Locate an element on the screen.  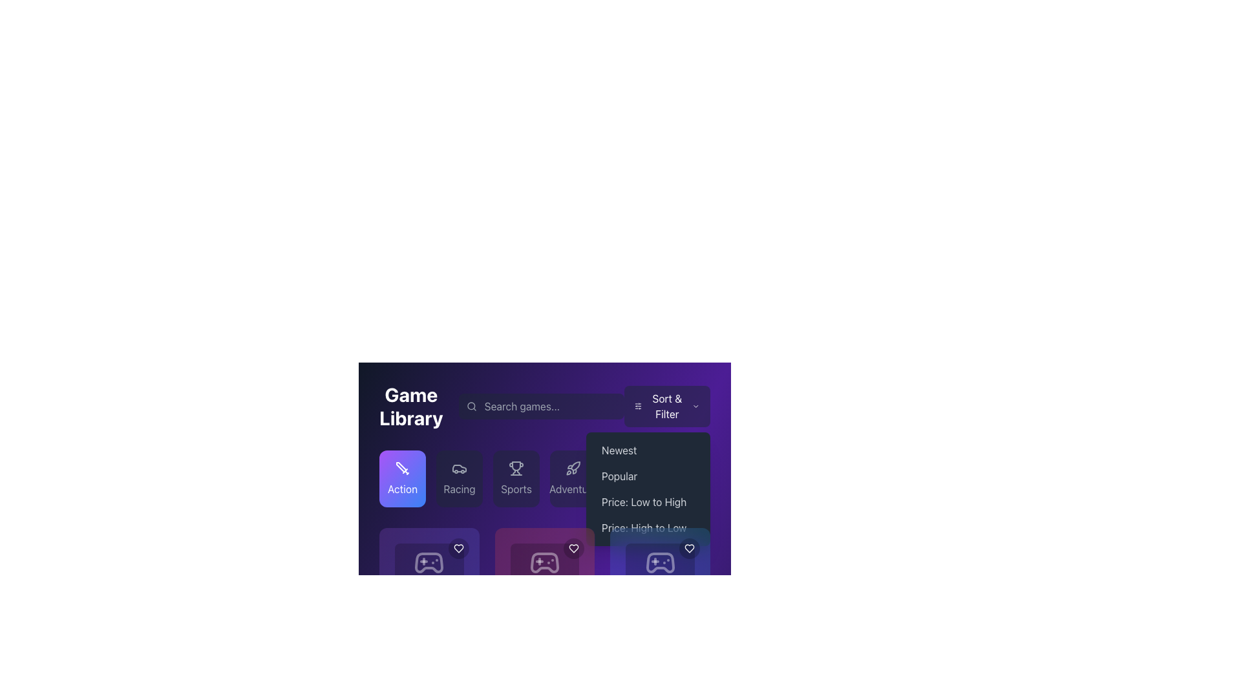
the 'Sort & Filter' button located at the top-right corner of the 'Game Library' section is located at coordinates (667, 405).